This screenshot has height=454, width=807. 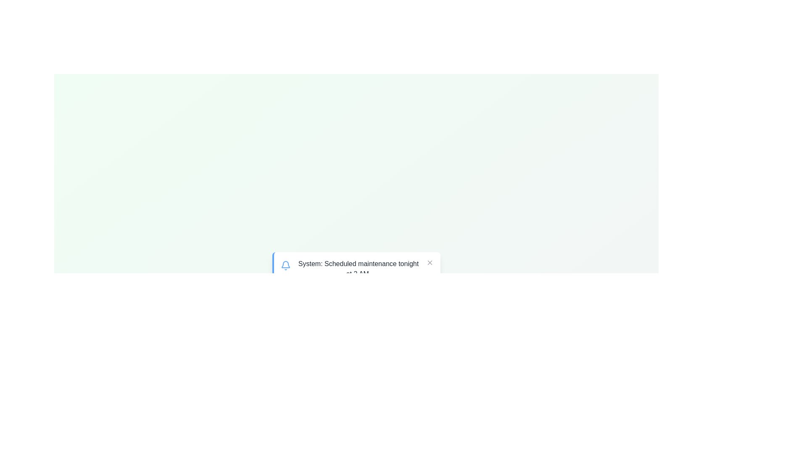 What do you see at coordinates (356, 269) in the screenshot?
I see `the notification message by clicking on the notification area` at bounding box center [356, 269].